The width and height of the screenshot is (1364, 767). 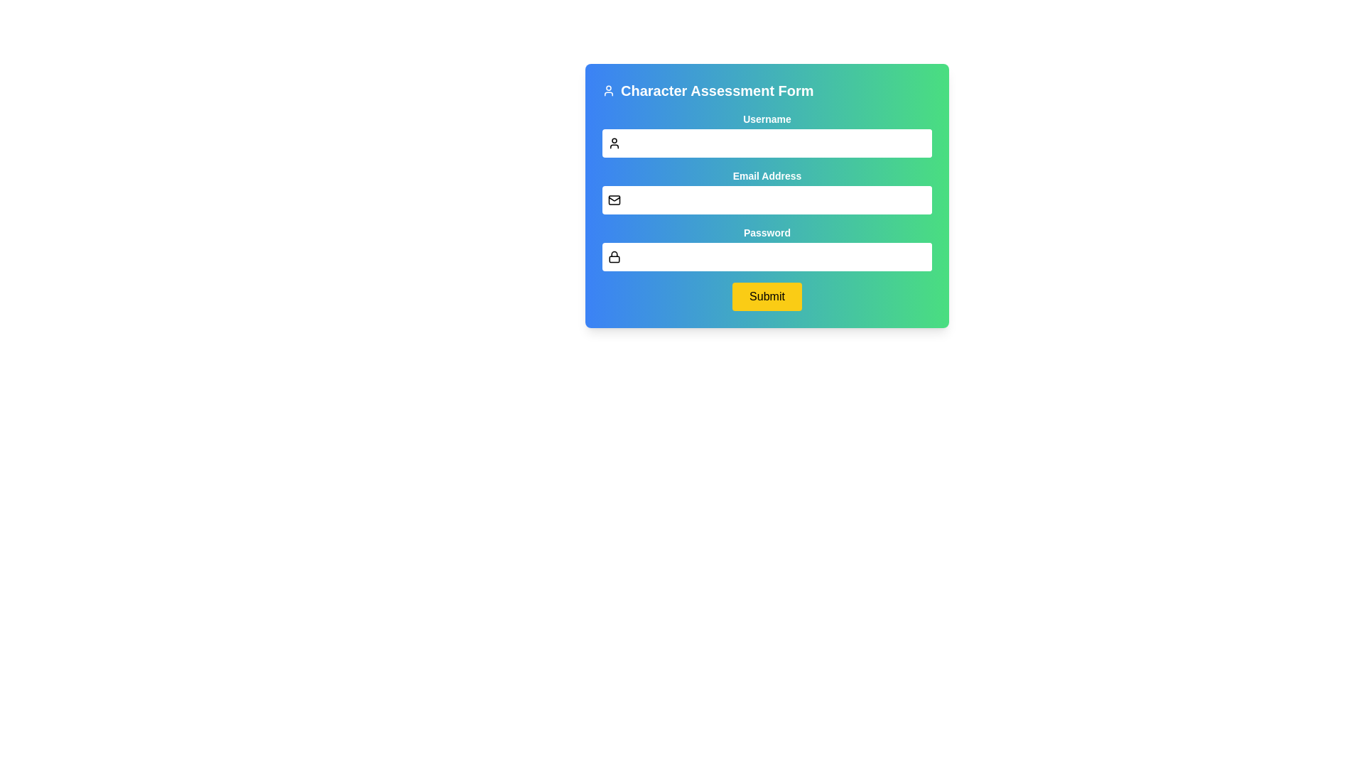 What do you see at coordinates (767, 90) in the screenshot?
I see `the Header with the text 'Character Assessment Form' and user icon, which is located at the top of the form panel and centered horizontally` at bounding box center [767, 90].